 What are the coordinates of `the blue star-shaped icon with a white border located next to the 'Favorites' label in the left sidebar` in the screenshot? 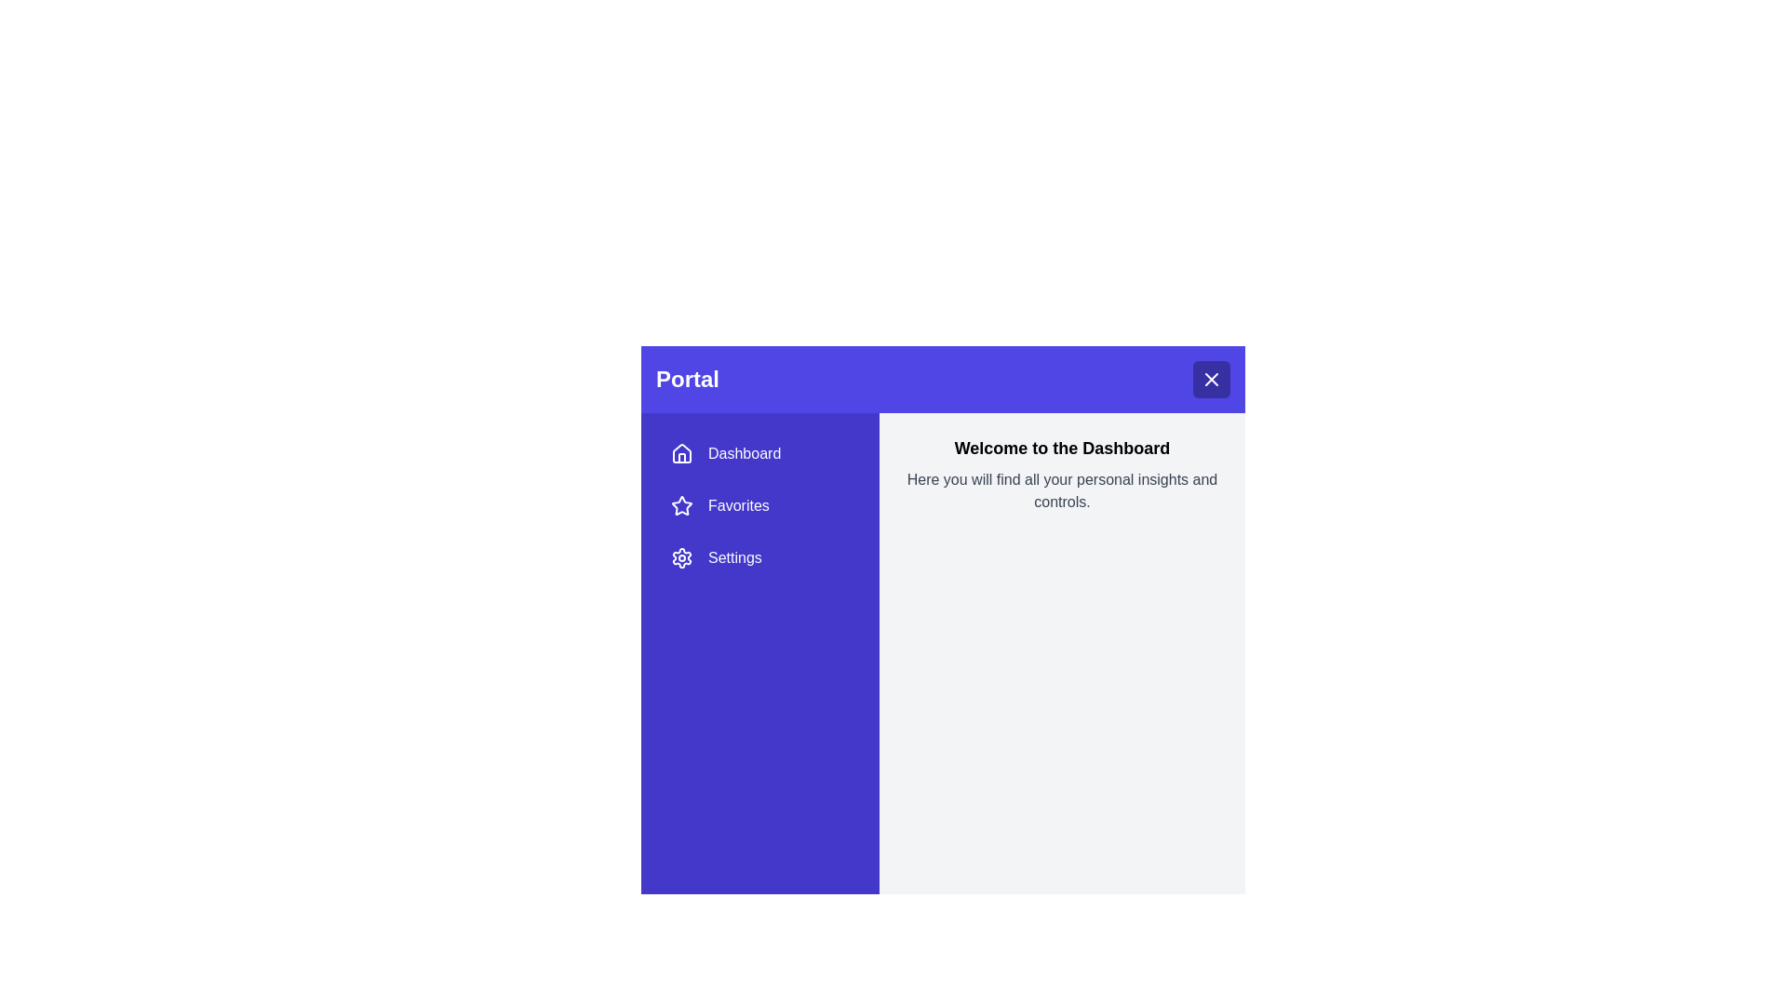 It's located at (681, 505).